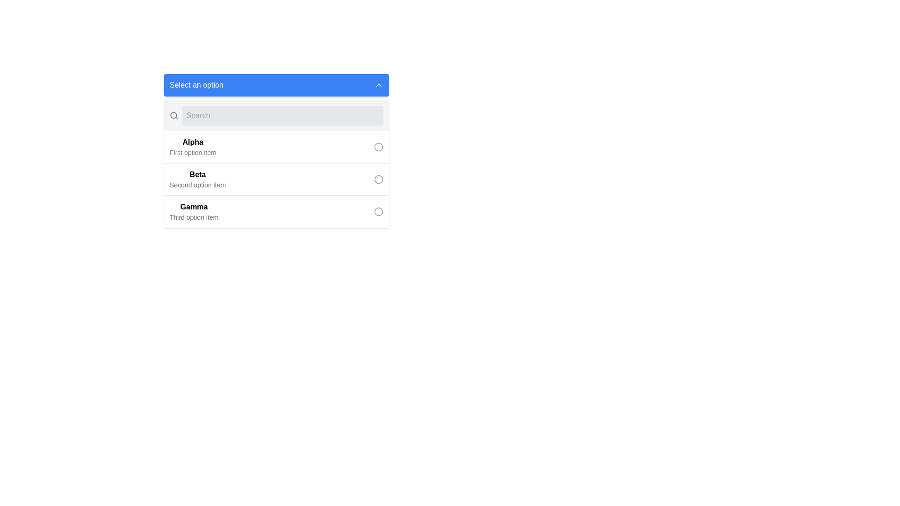  What do you see at coordinates (378, 147) in the screenshot?
I see `the gray outlined radio button located to the right of the 'Alpha' option in the dropdown list to trigger a tooltip or visual effect` at bounding box center [378, 147].